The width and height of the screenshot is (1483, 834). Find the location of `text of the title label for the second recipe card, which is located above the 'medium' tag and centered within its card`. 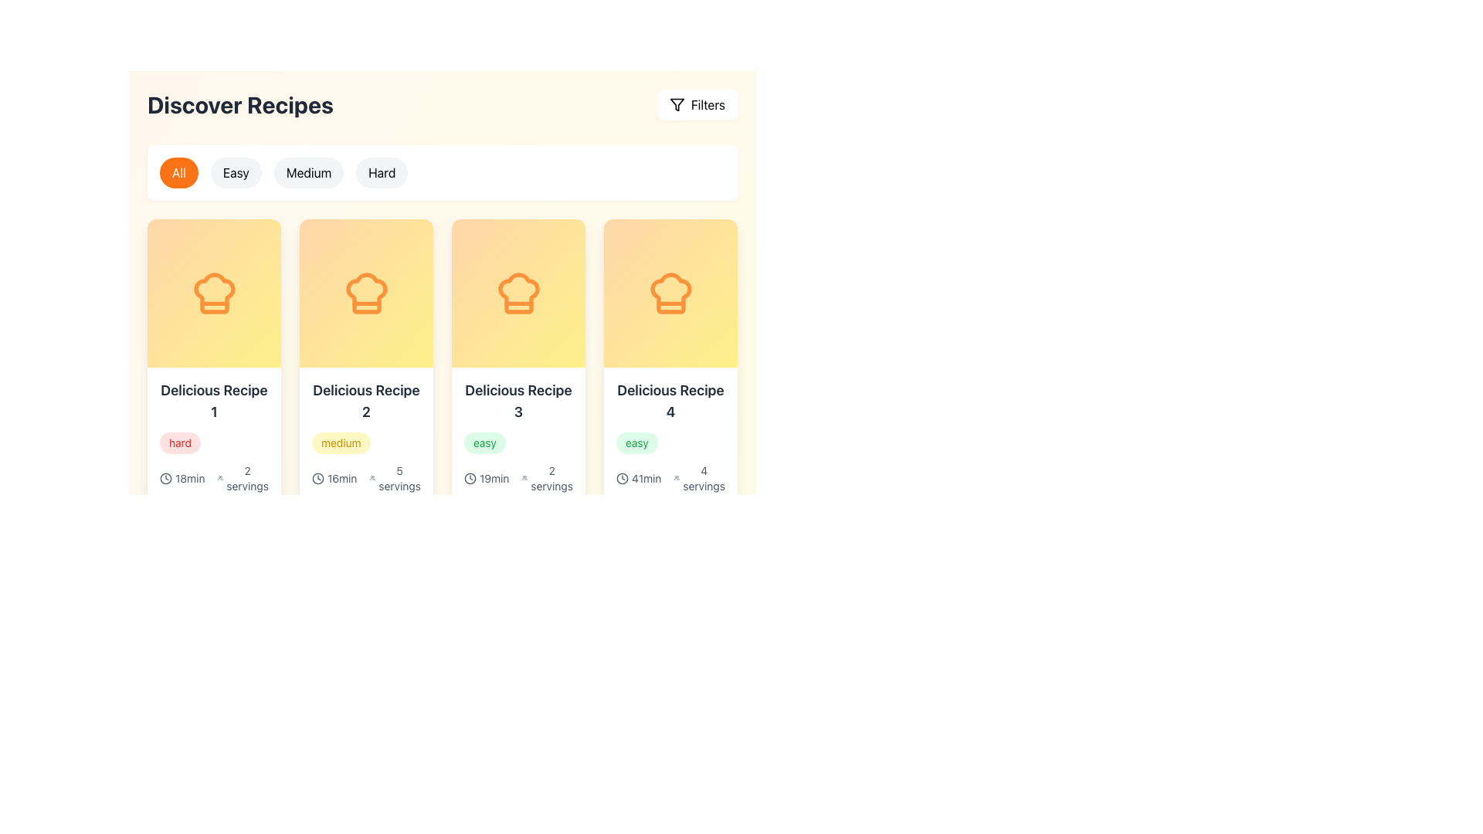

text of the title label for the second recipe card, which is located above the 'medium' tag and centered within its card is located at coordinates (365, 401).